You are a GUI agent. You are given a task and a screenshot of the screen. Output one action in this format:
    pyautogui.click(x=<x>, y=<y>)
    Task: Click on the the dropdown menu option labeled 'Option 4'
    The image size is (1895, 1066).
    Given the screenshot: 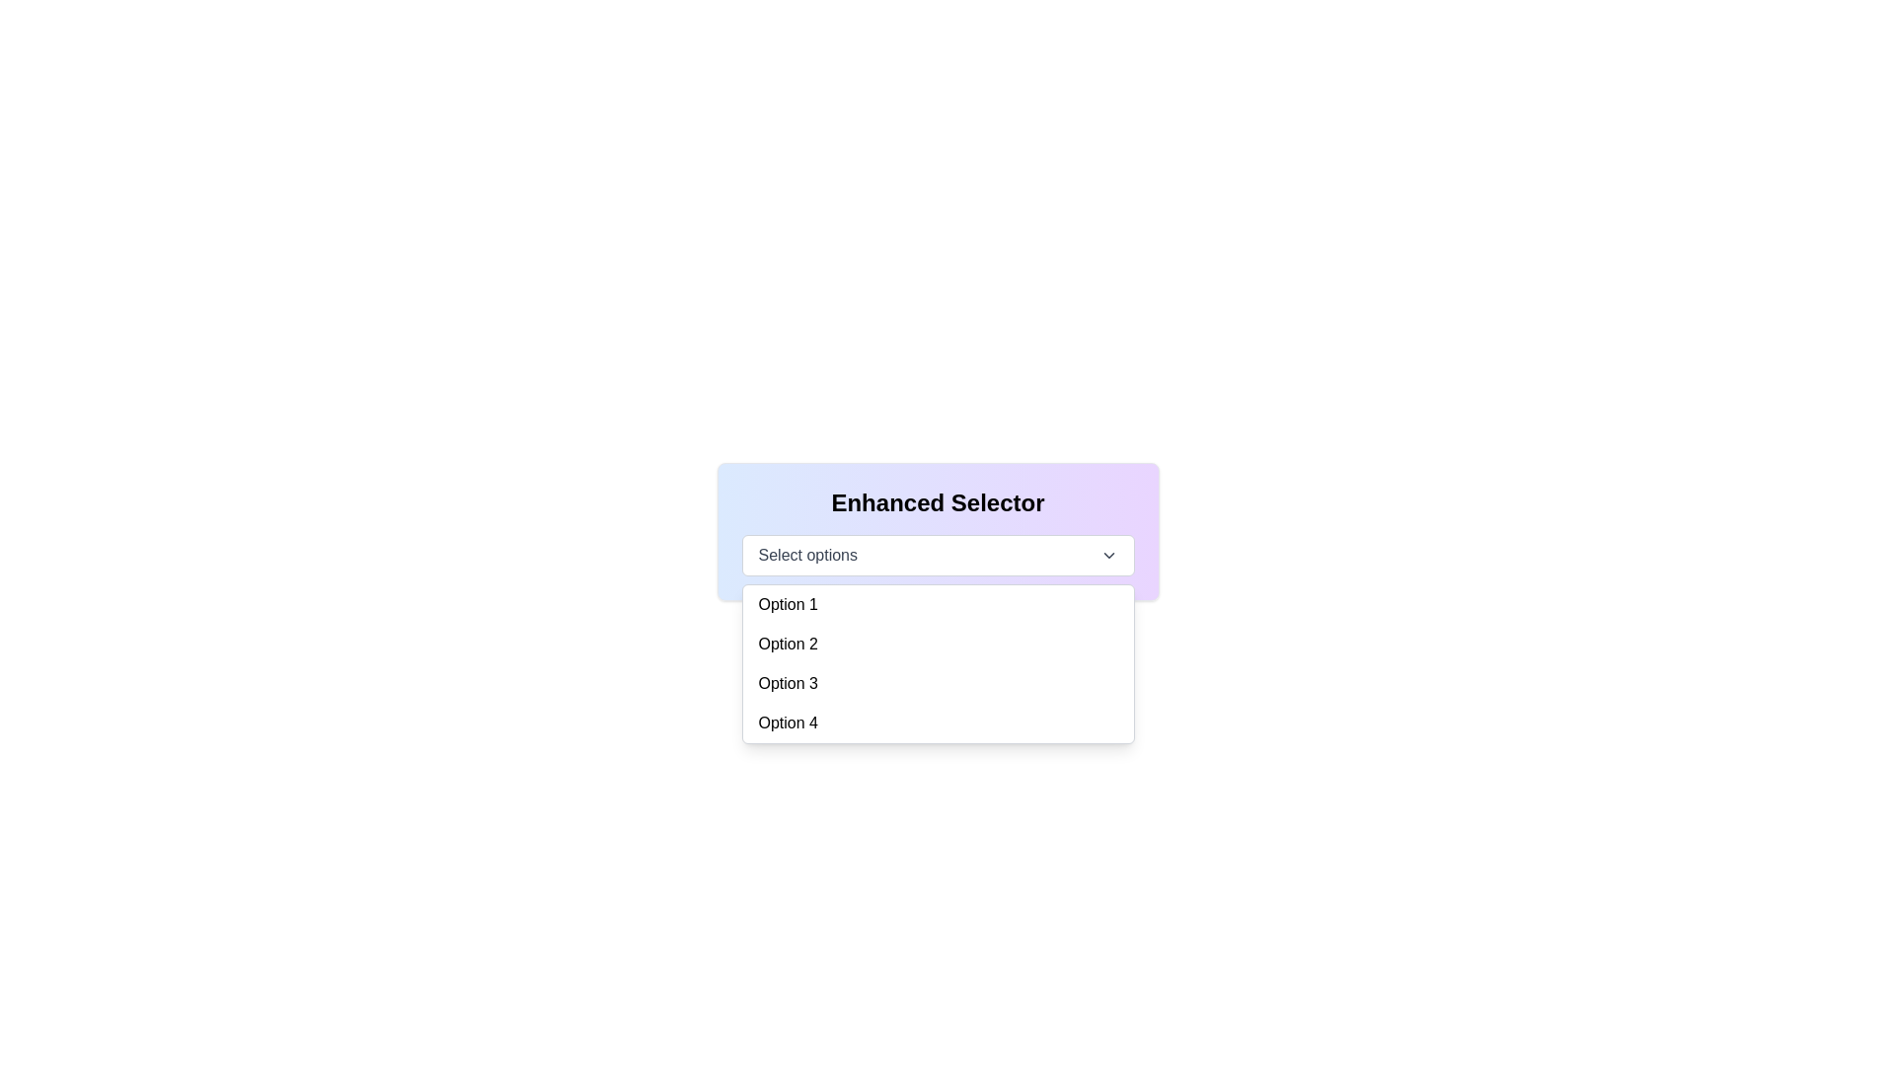 What is the action you would take?
    pyautogui.click(x=937, y=723)
    